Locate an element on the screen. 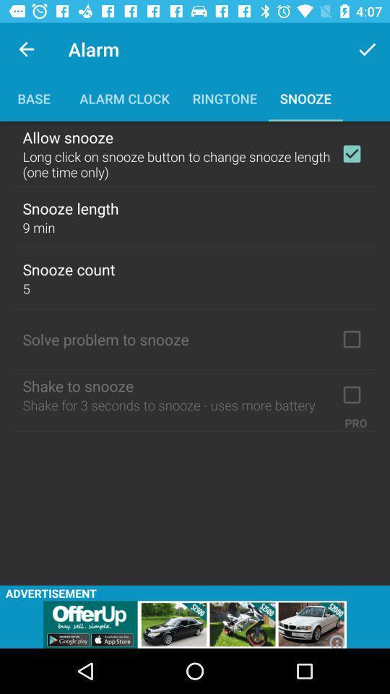  turn on shake to snooze is located at coordinates (351, 395).